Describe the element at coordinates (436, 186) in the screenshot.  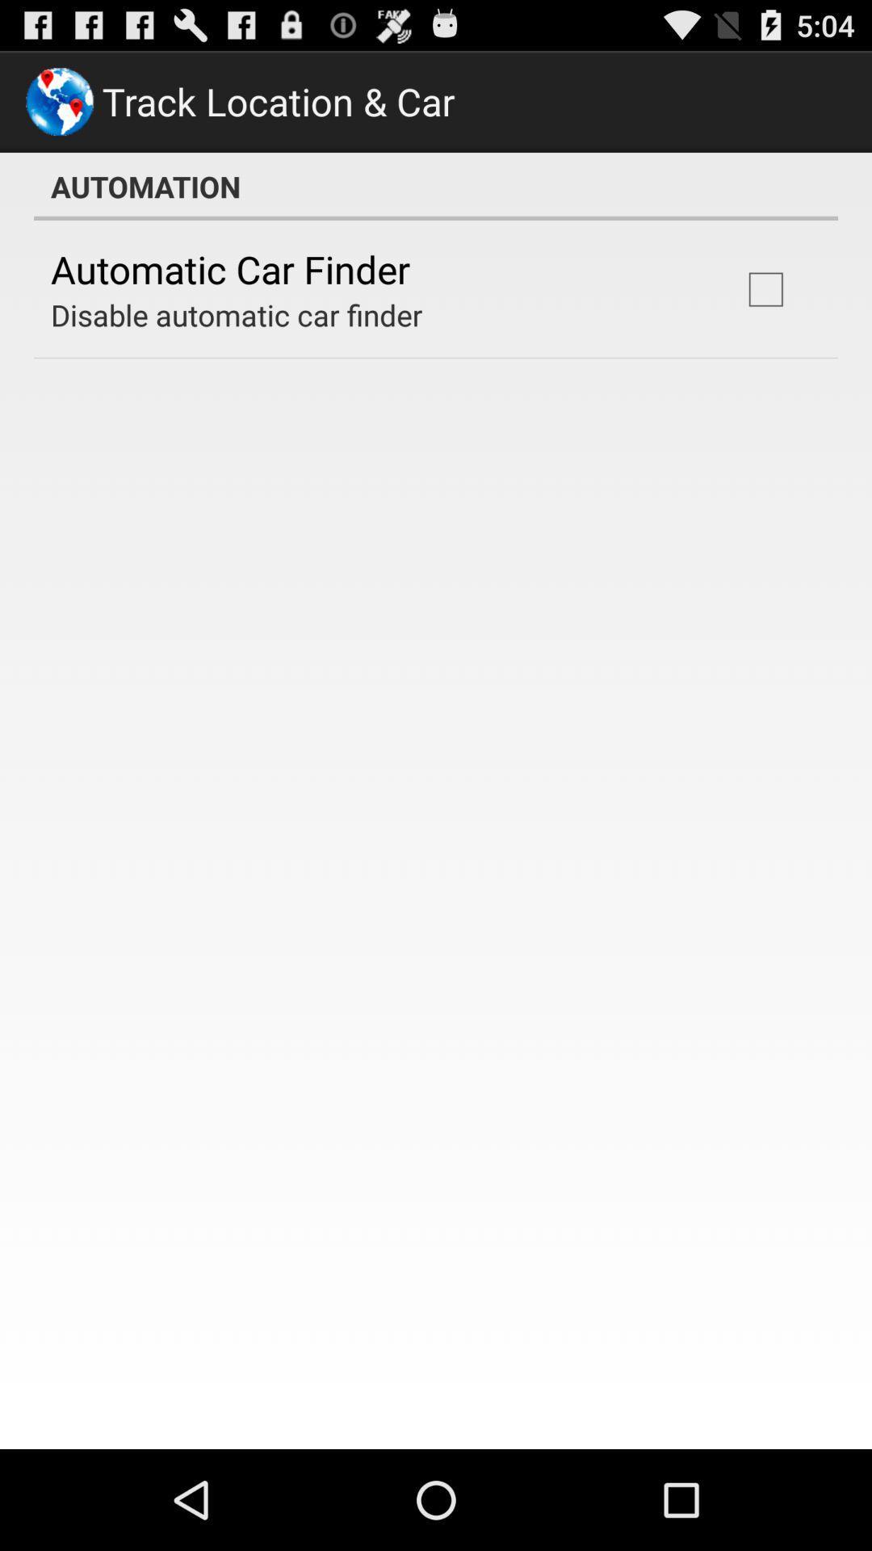
I see `automation item` at that location.